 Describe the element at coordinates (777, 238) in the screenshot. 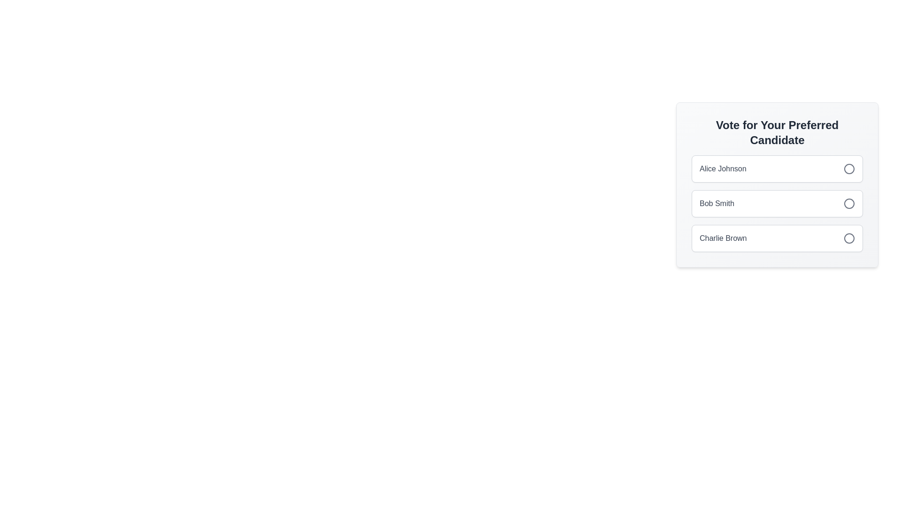

I see `the selectable list item labeled 'Charlie Brown'` at that location.